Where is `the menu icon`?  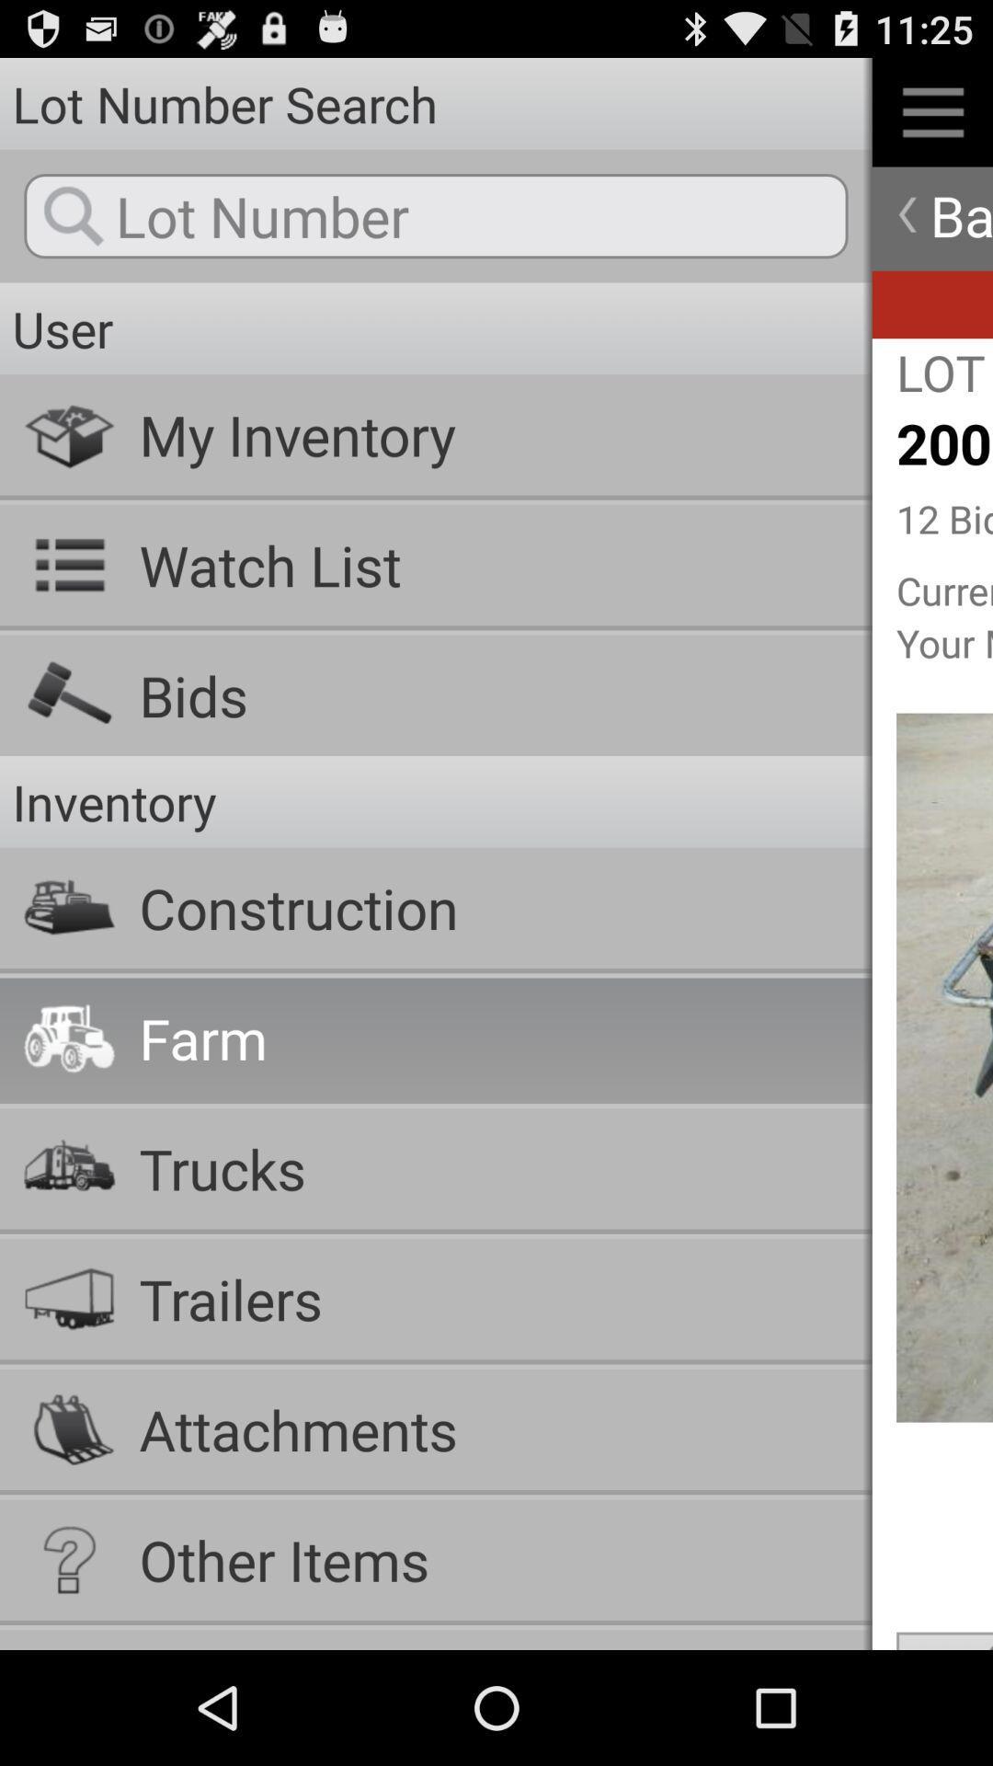 the menu icon is located at coordinates (932, 119).